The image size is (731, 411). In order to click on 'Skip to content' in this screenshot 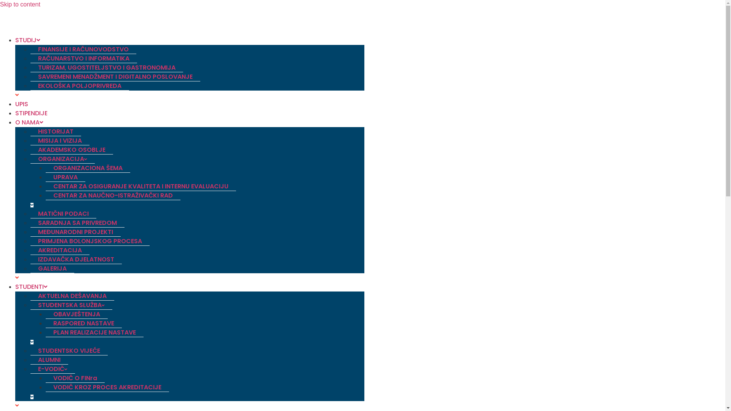, I will do `click(20, 4)`.